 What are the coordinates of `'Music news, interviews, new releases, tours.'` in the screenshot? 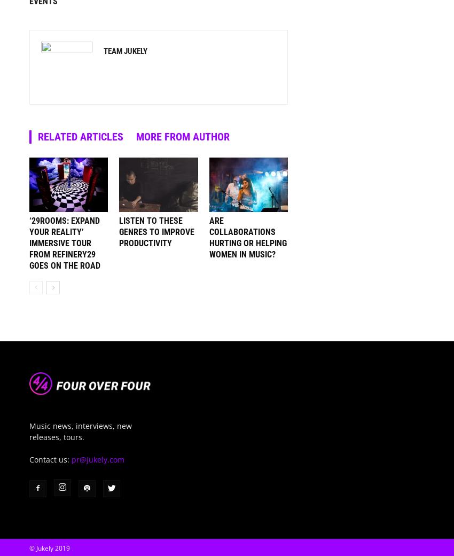 It's located at (80, 432).